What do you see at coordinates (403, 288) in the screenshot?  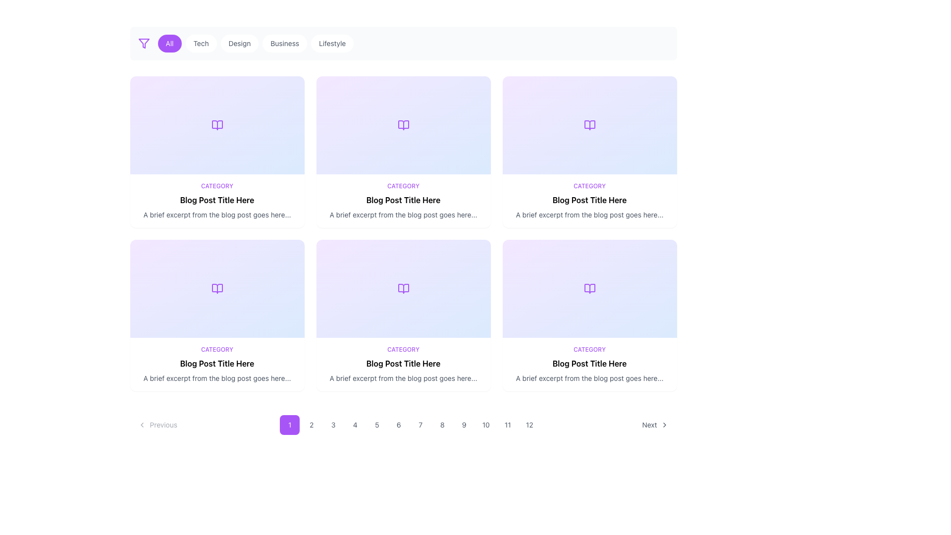 I see `the graphic component that serves as a preview for the associated blog post, located in the second column of the second row of the grid layout` at bounding box center [403, 288].